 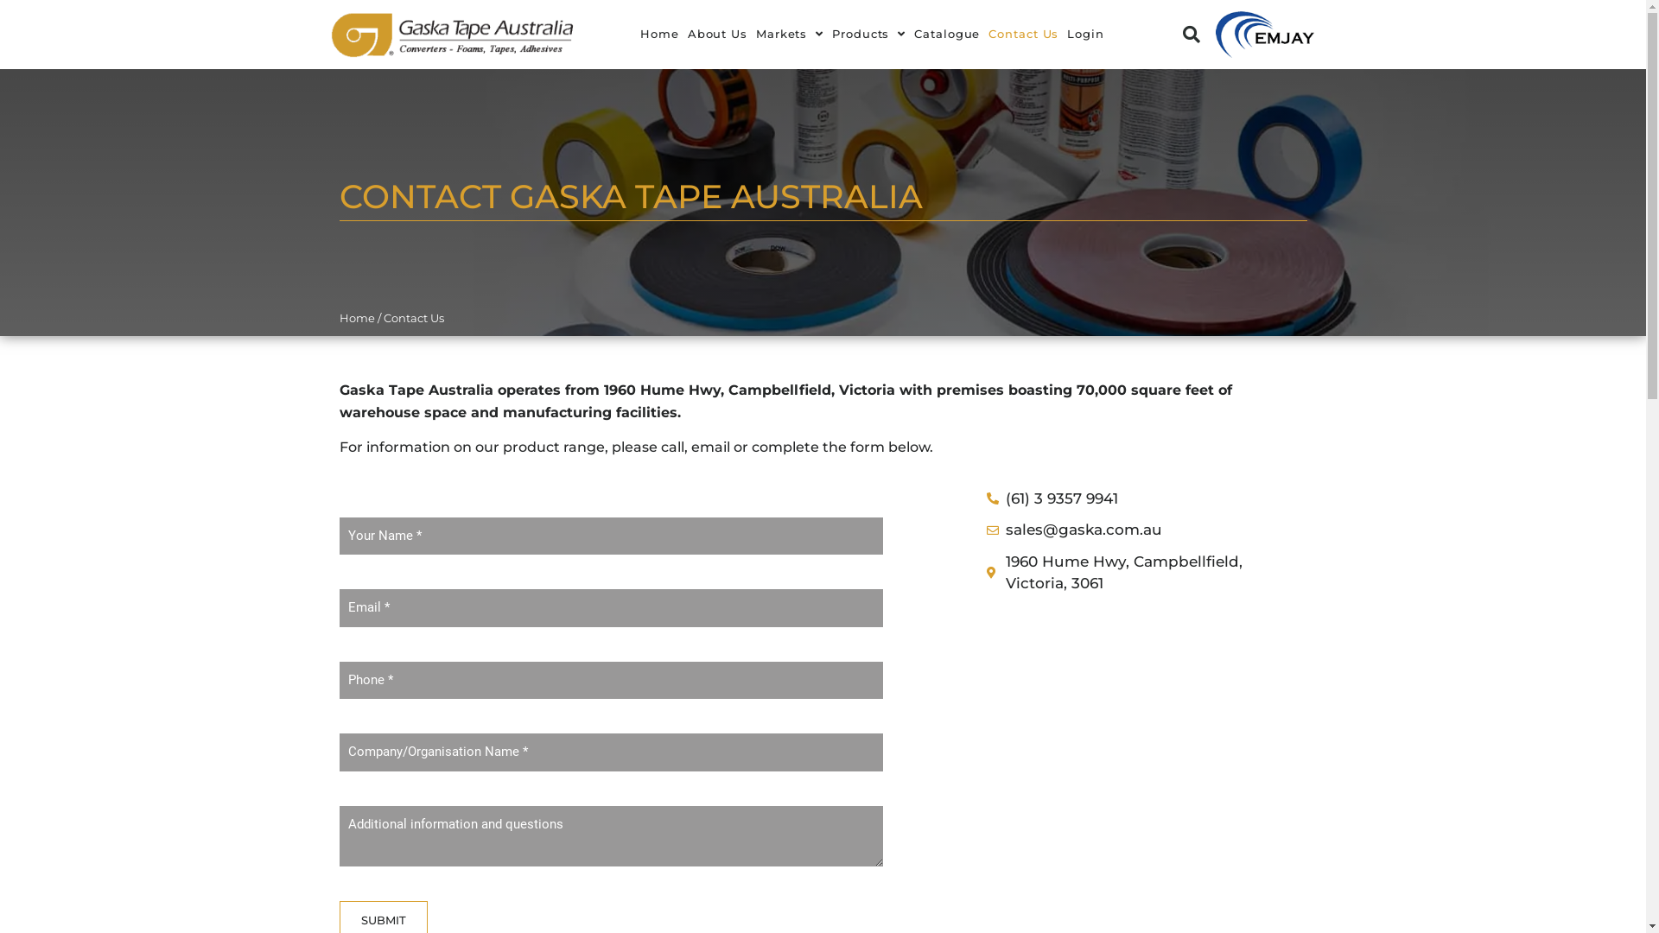 What do you see at coordinates (868, 34) in the screenshot?
I see `'Products'` at bounding box center [868, 34].